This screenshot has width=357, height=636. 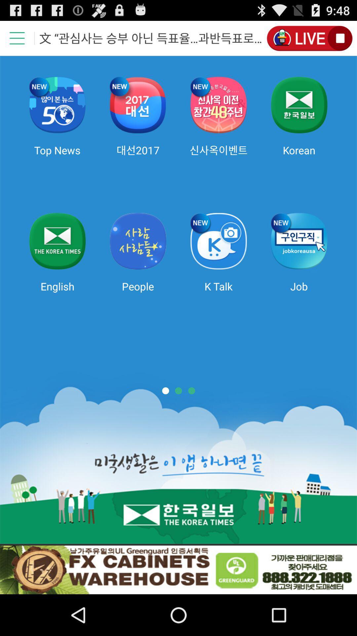 I want to click on live, so click(x=309, y=38).